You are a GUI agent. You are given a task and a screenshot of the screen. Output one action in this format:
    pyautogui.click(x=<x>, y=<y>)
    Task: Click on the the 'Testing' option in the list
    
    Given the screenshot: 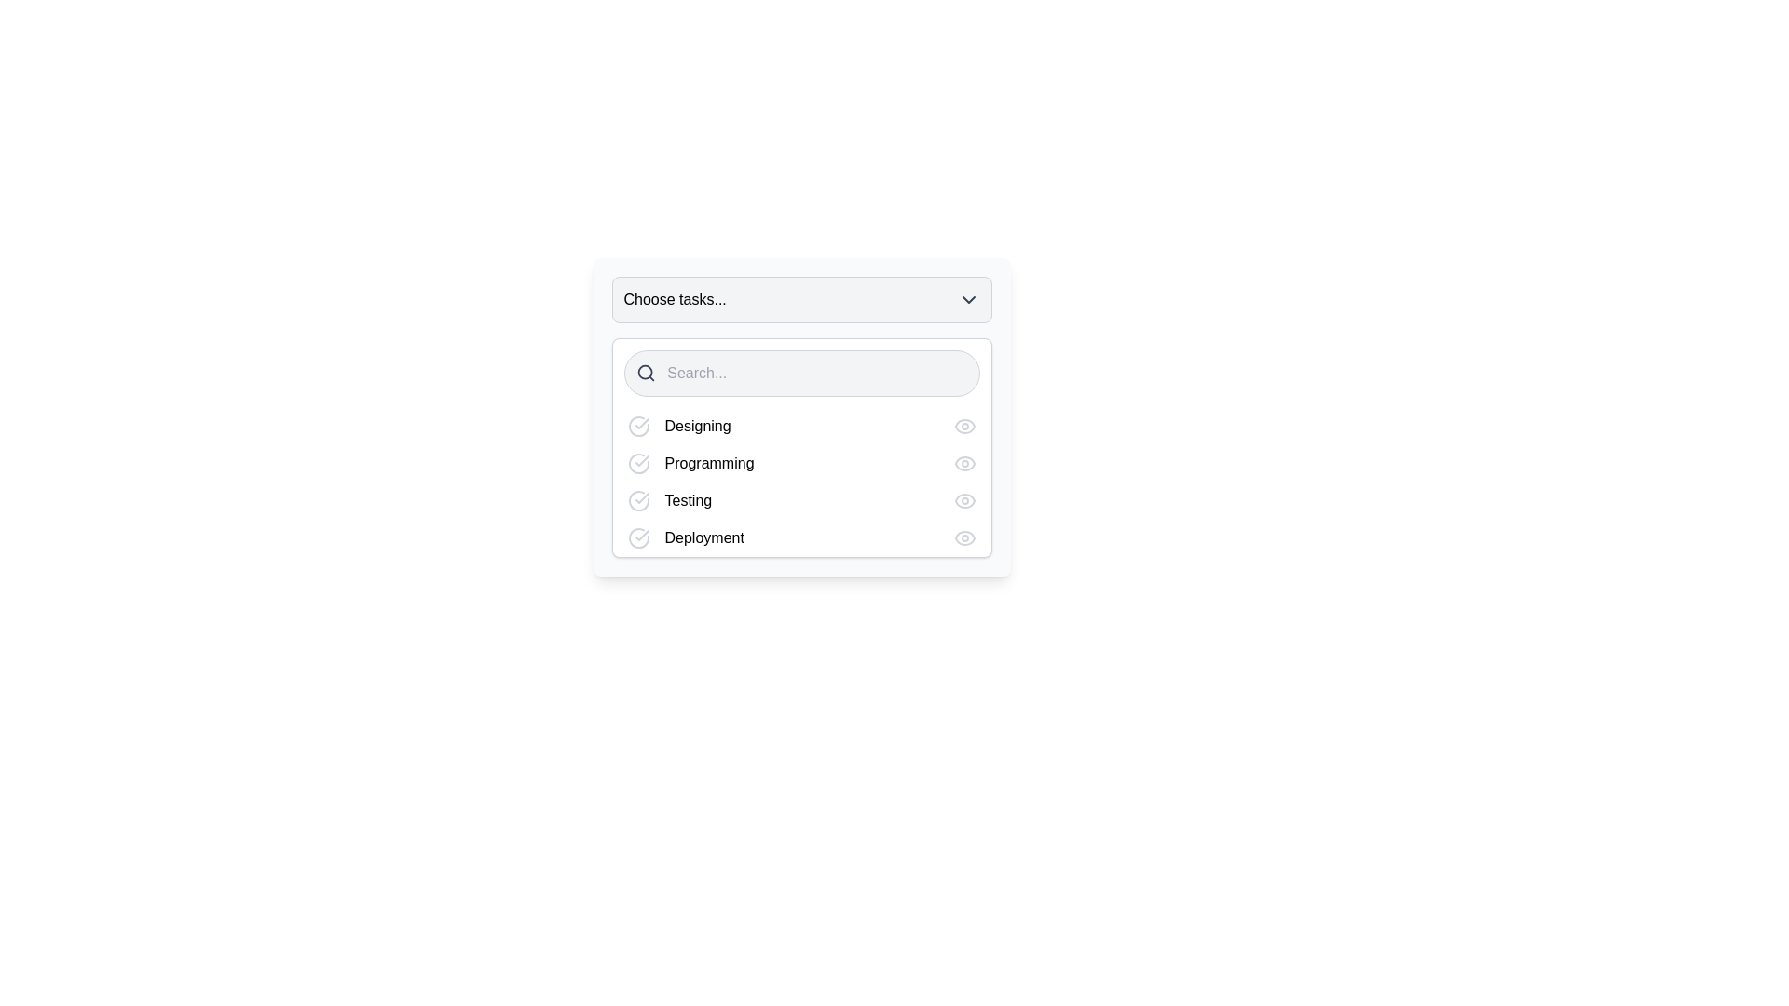 What is the action you would take?
    pyautogui.click(x=801, y=499)
    